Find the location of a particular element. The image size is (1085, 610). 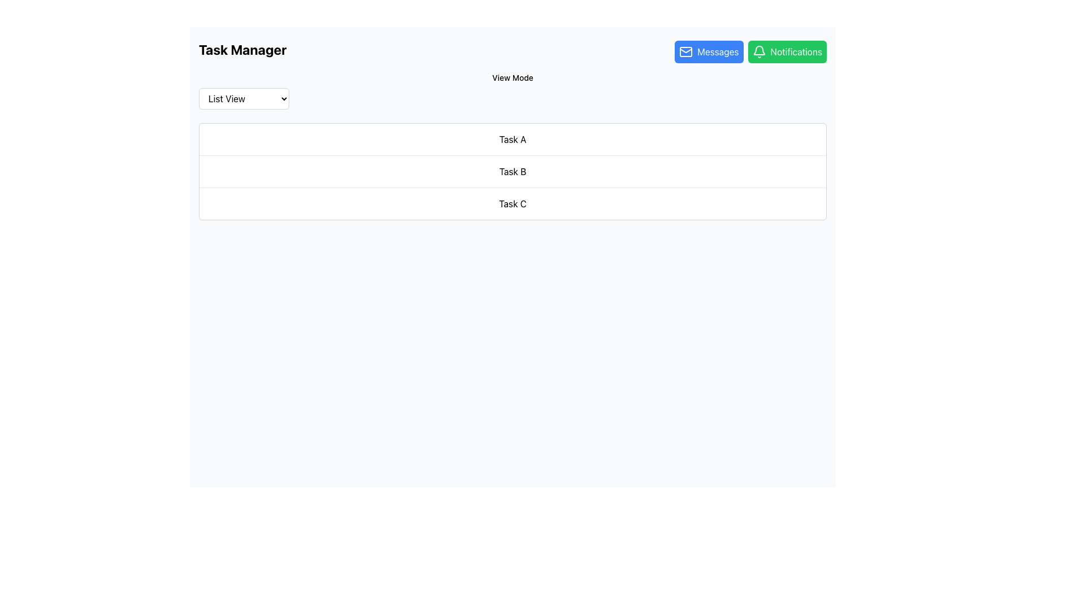

the mail icon located to the left of the 'Messages' text label in the top-right area of the interface is located at coordinates (685, 52).